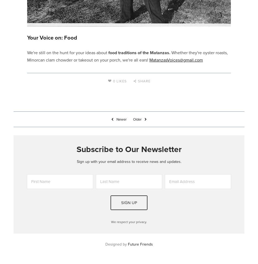 This screenshot has height=264, width=258. I want to click on 'Whether they're oyster roasts, Minorcan clam chowder or takeout on your porch, we're all ears!', so click(127, 56).